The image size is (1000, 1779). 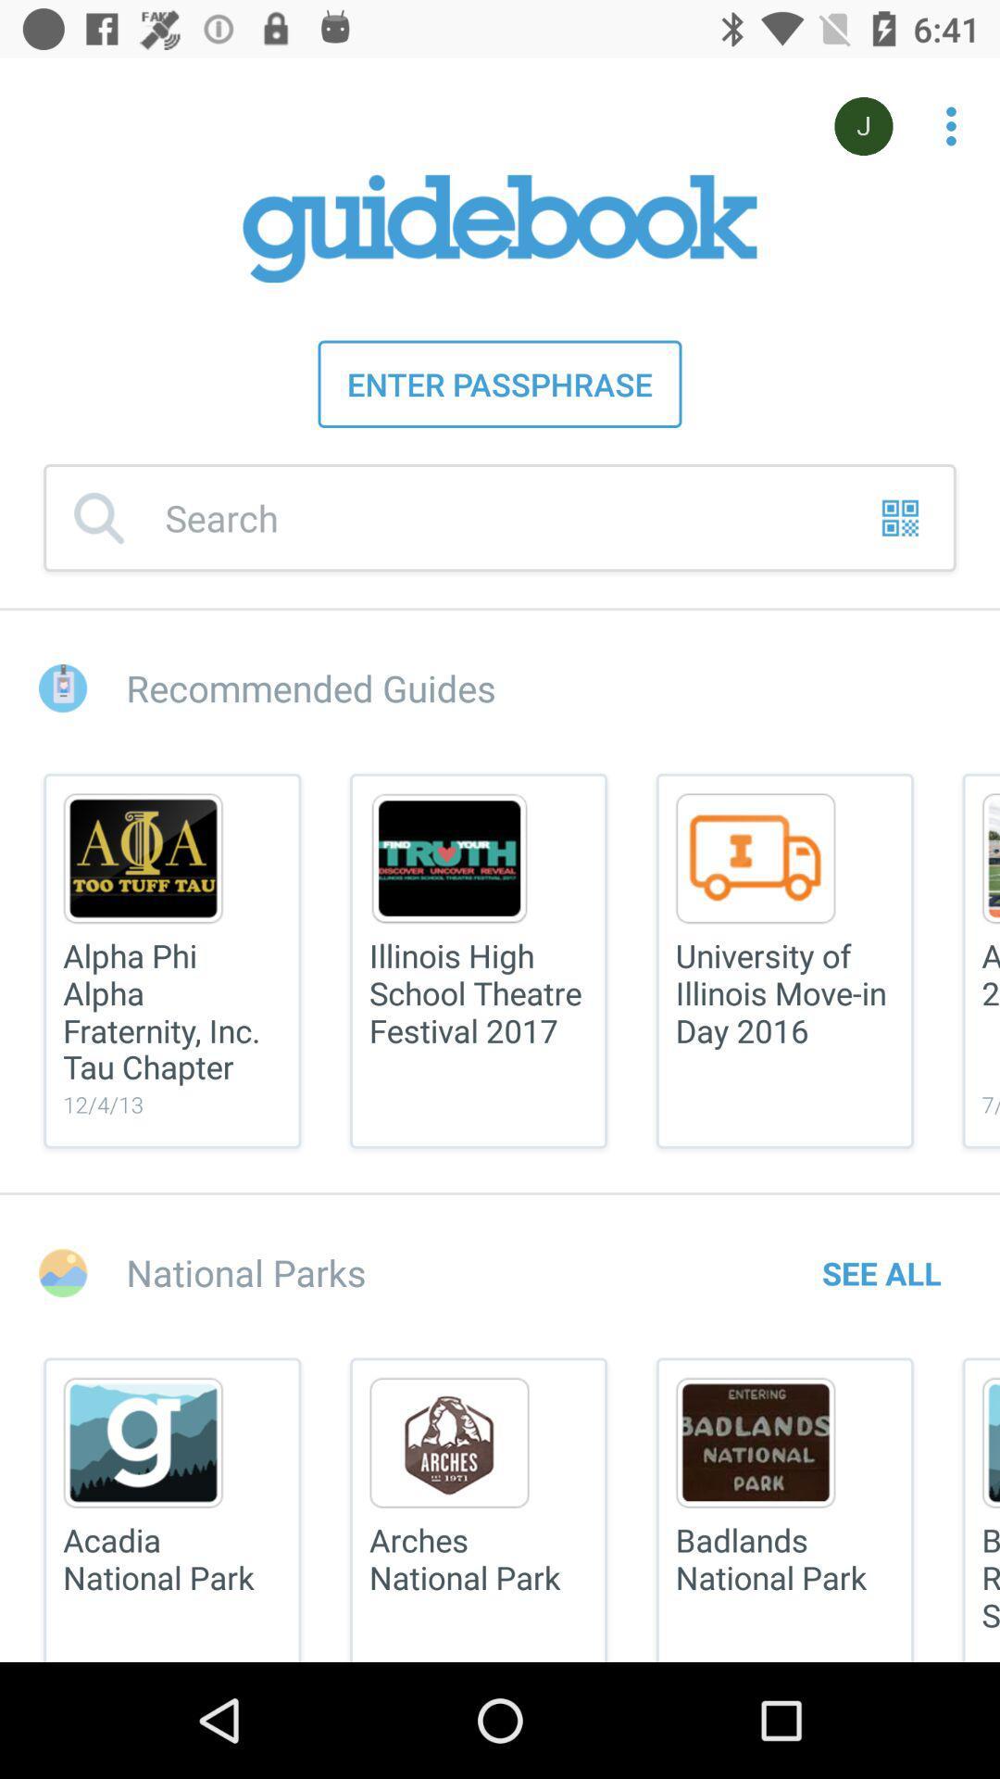 What do you see at coordinates (864, 125) in the screenshot?
I see `the microphone icon` at bounding box center [864, 125].